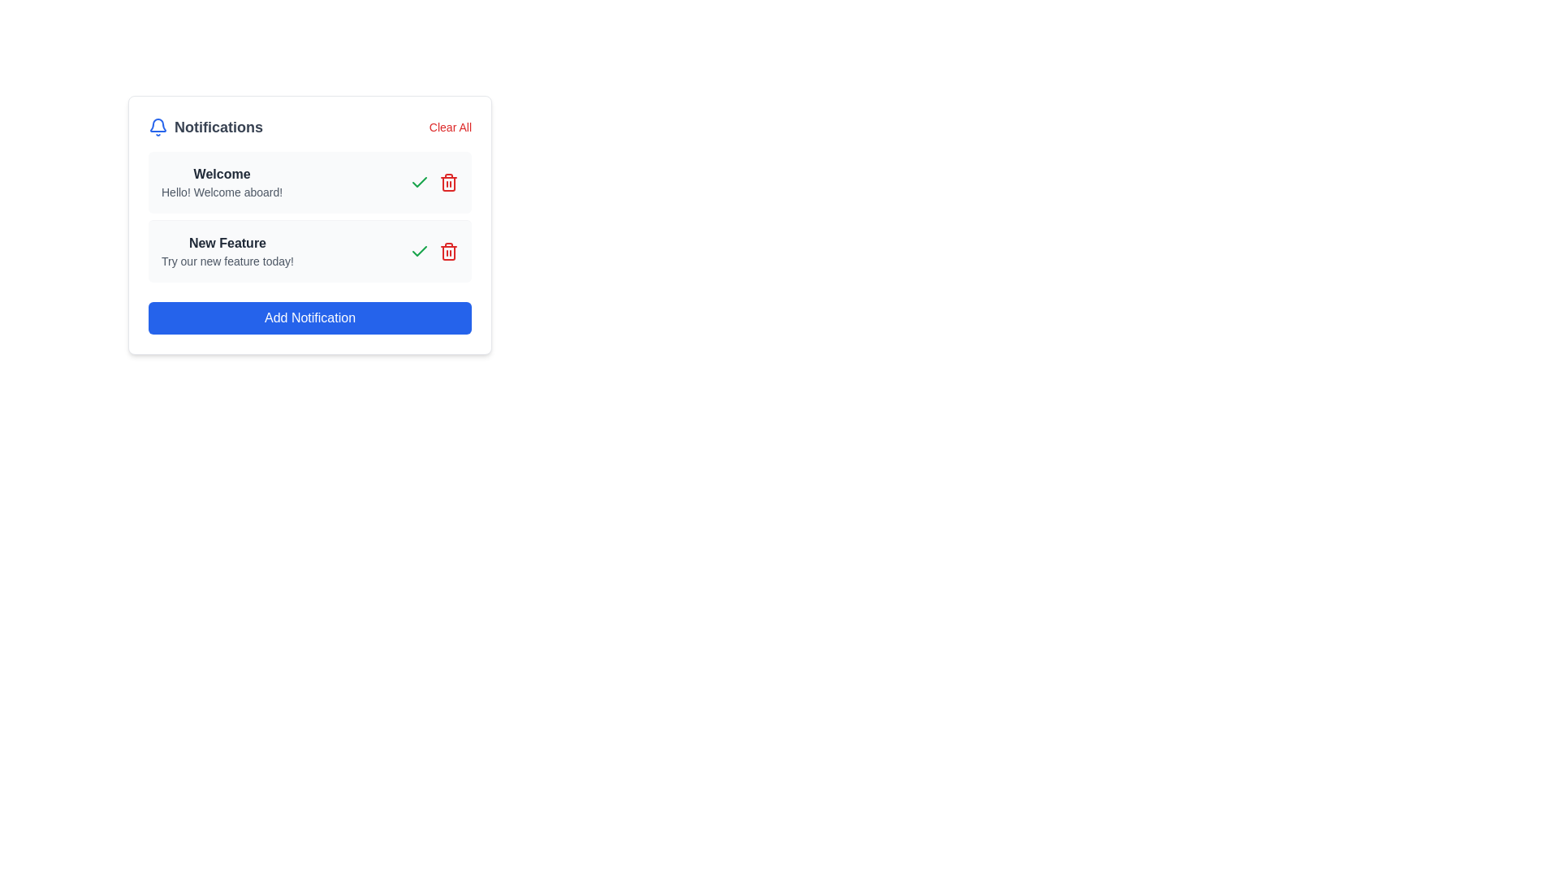 The image size is (1559, 877). I want to click on the checkmark icon within the 'Welcome' notification card to mark the notification as seen or completed, so click(420, 182).